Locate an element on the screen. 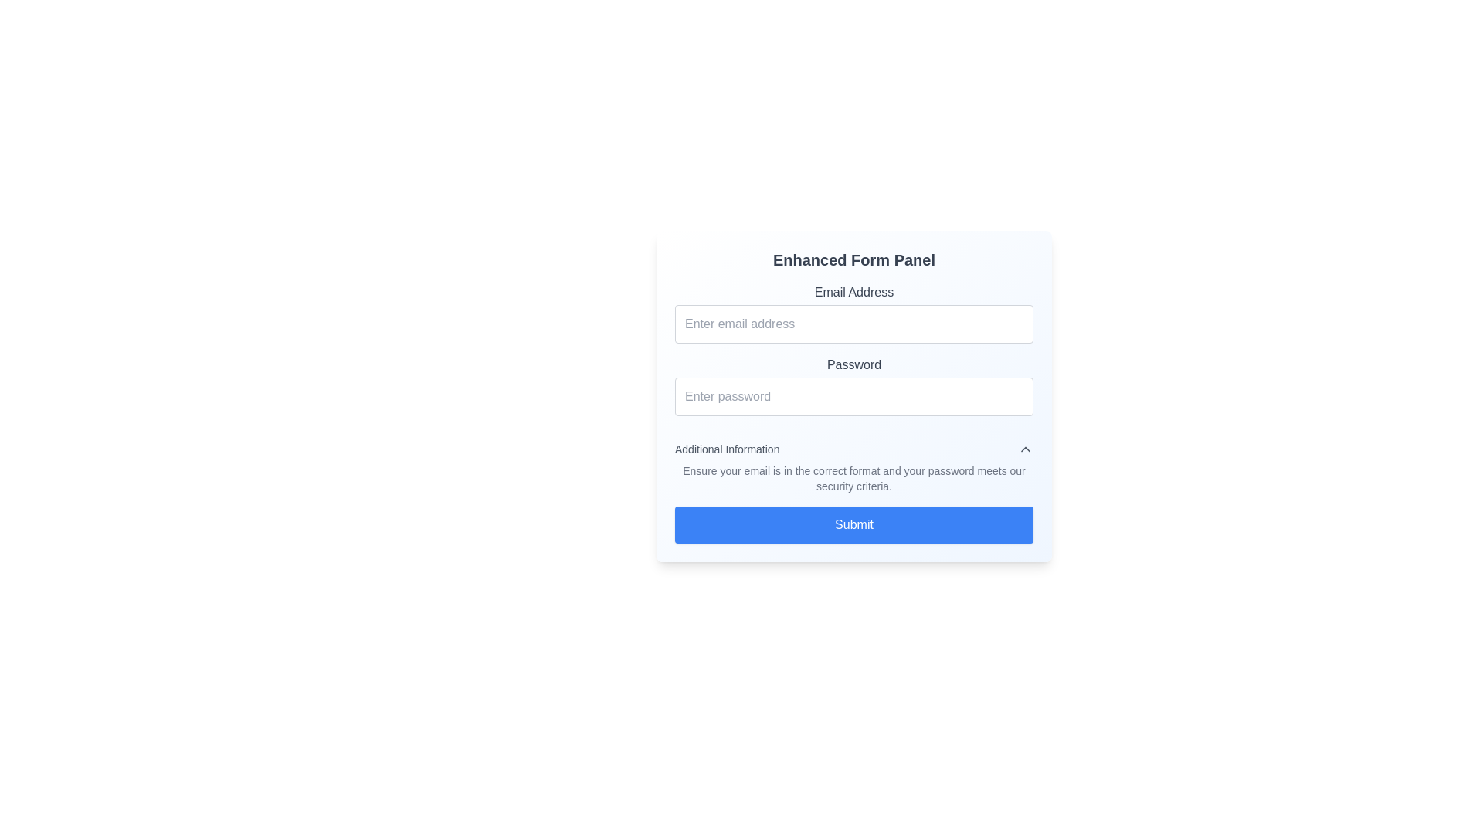 The height and width of the screenshot is (834, 1483). instructional message text paragraph located centrally below the 'Additional Information' header and above the 'Submit' button in the form layout is located at coordinates (853, 478).